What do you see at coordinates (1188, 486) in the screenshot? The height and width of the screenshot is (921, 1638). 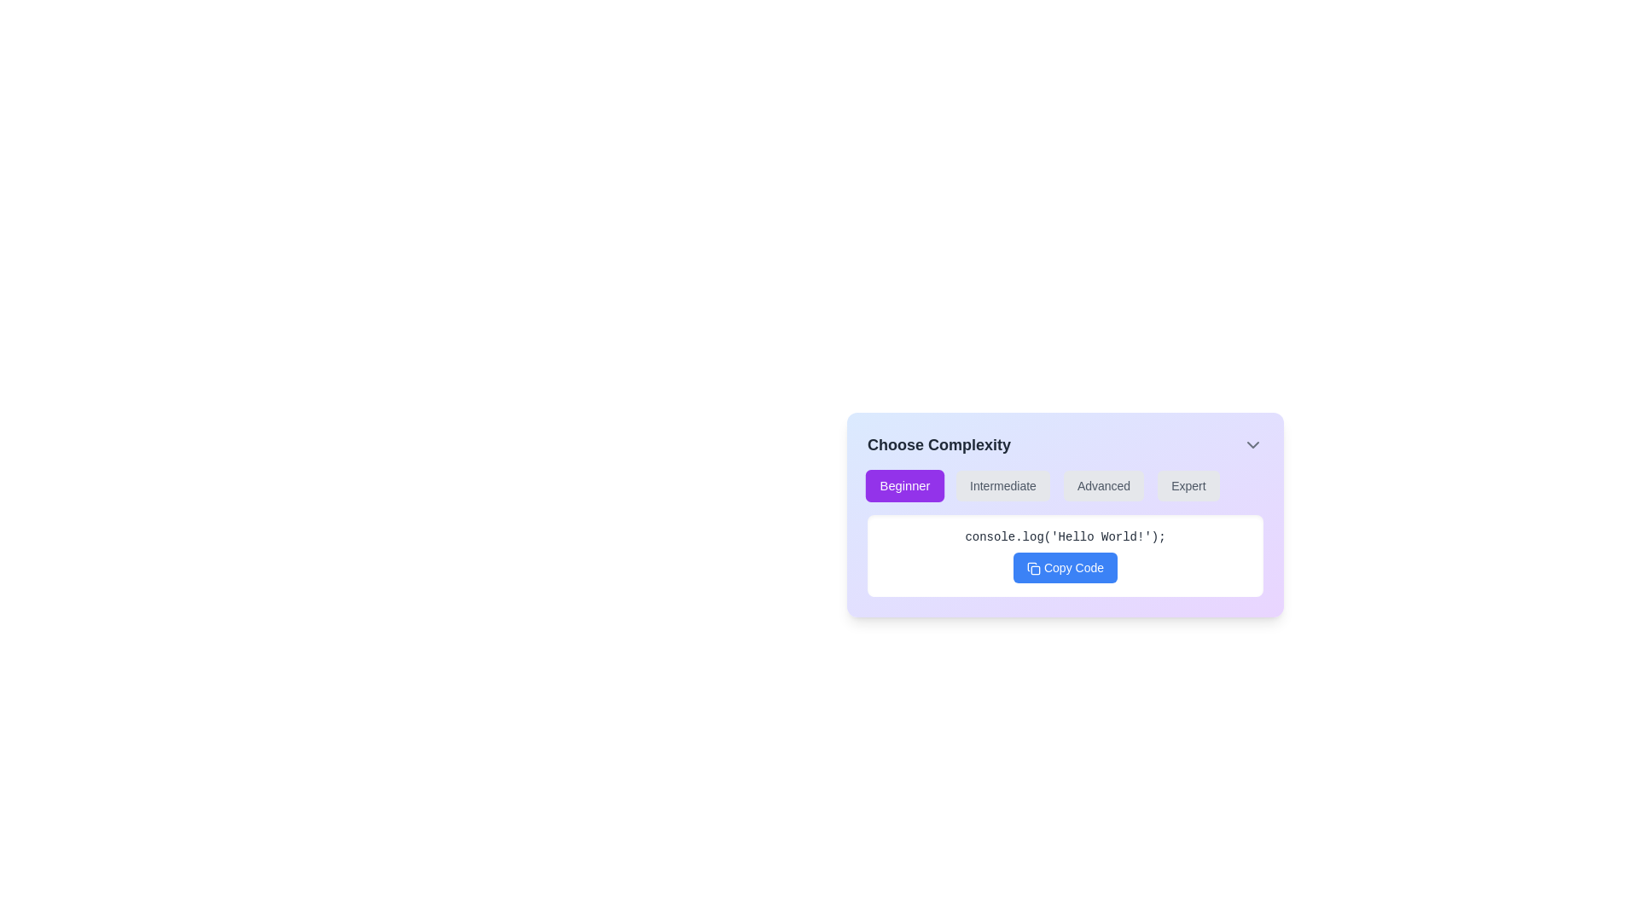 I see `the 'Expert' button displayed in a gray background with rounded corners` at bounding box center [1188, 486].